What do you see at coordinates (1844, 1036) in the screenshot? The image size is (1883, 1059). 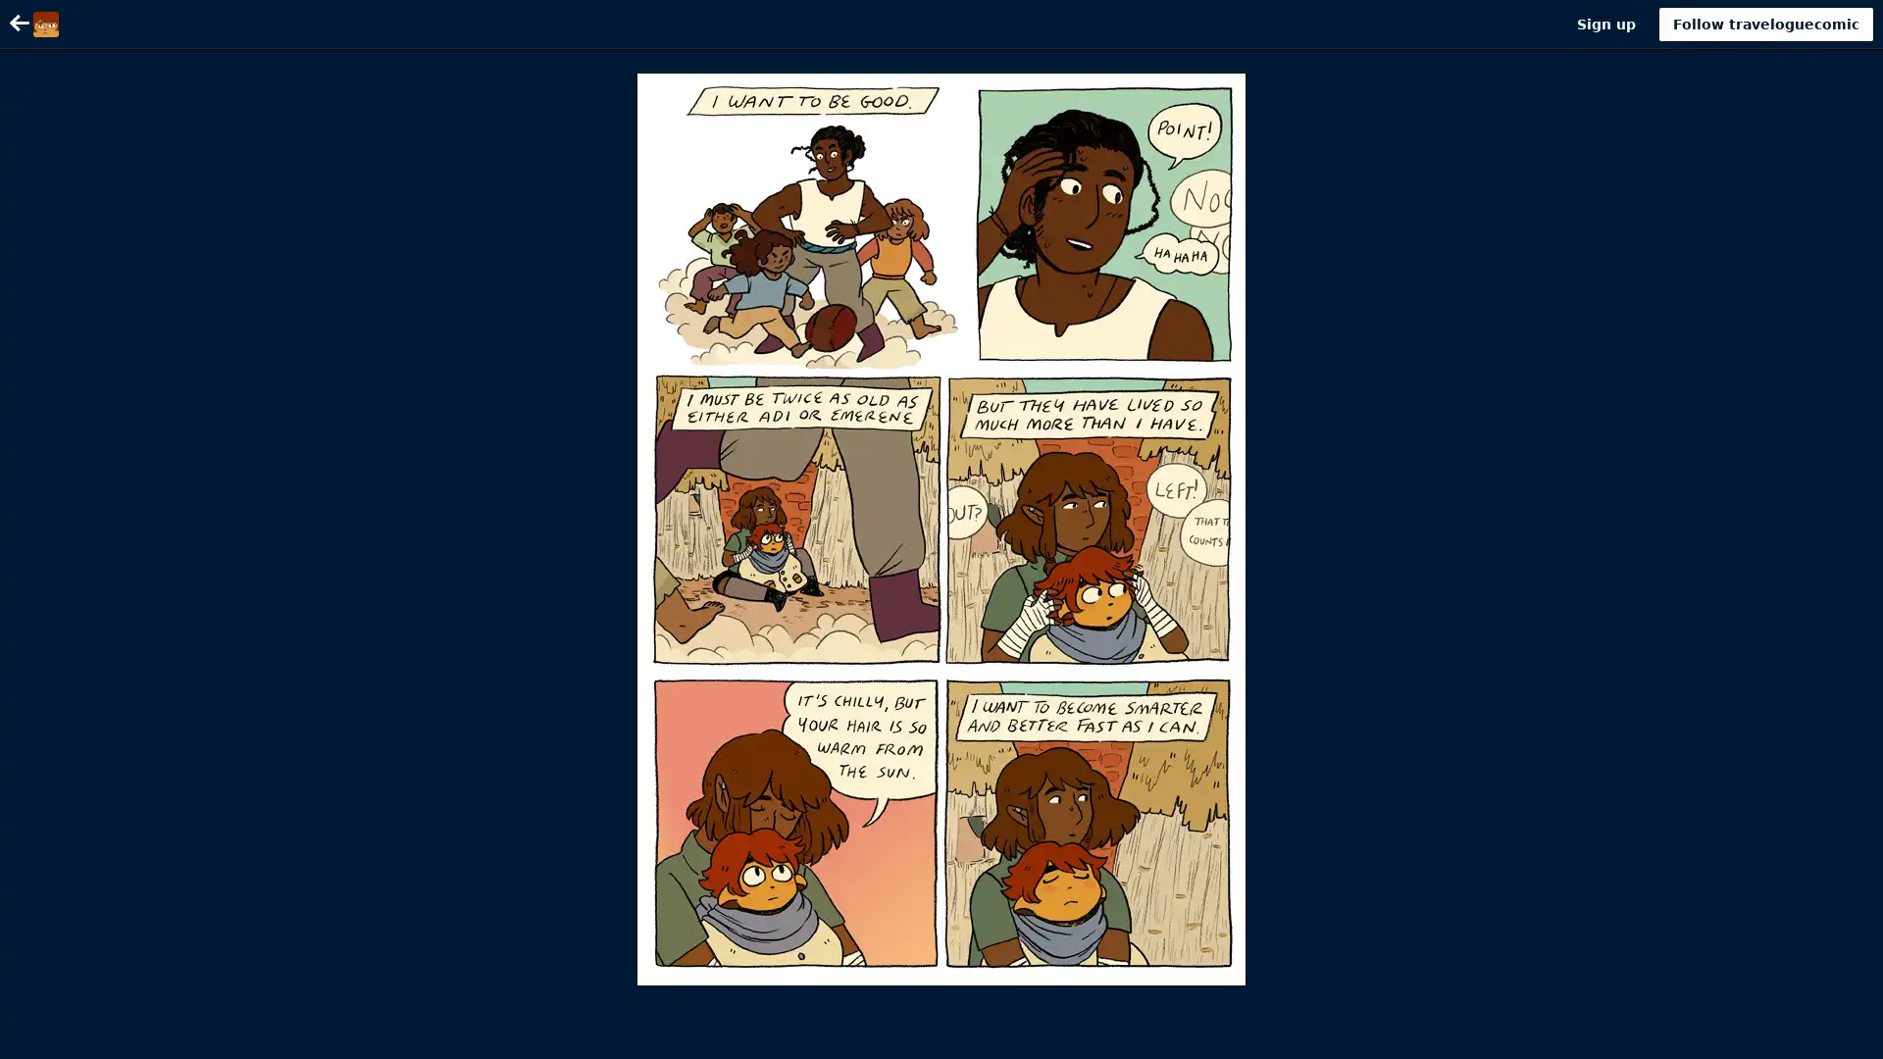 I see `Scroll to top` at bounding box center [1844, 1036].